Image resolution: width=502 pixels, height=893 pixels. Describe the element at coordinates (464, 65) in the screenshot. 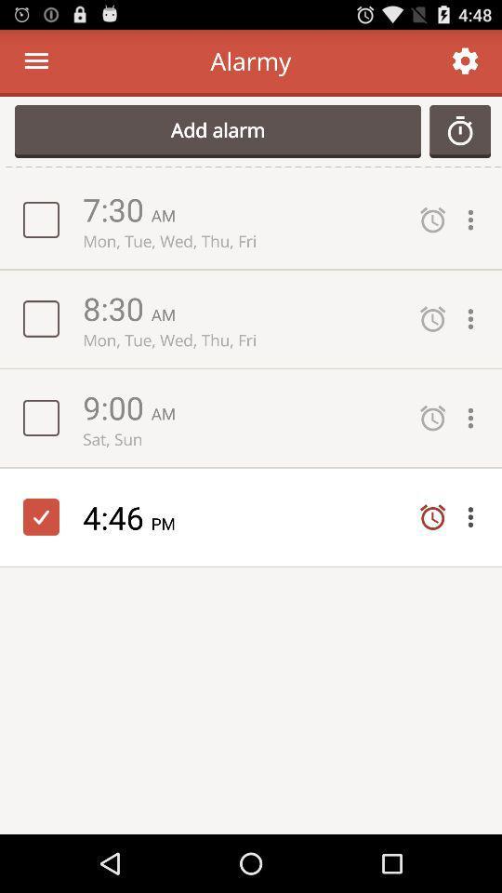

I see `the settings icon` at that location.